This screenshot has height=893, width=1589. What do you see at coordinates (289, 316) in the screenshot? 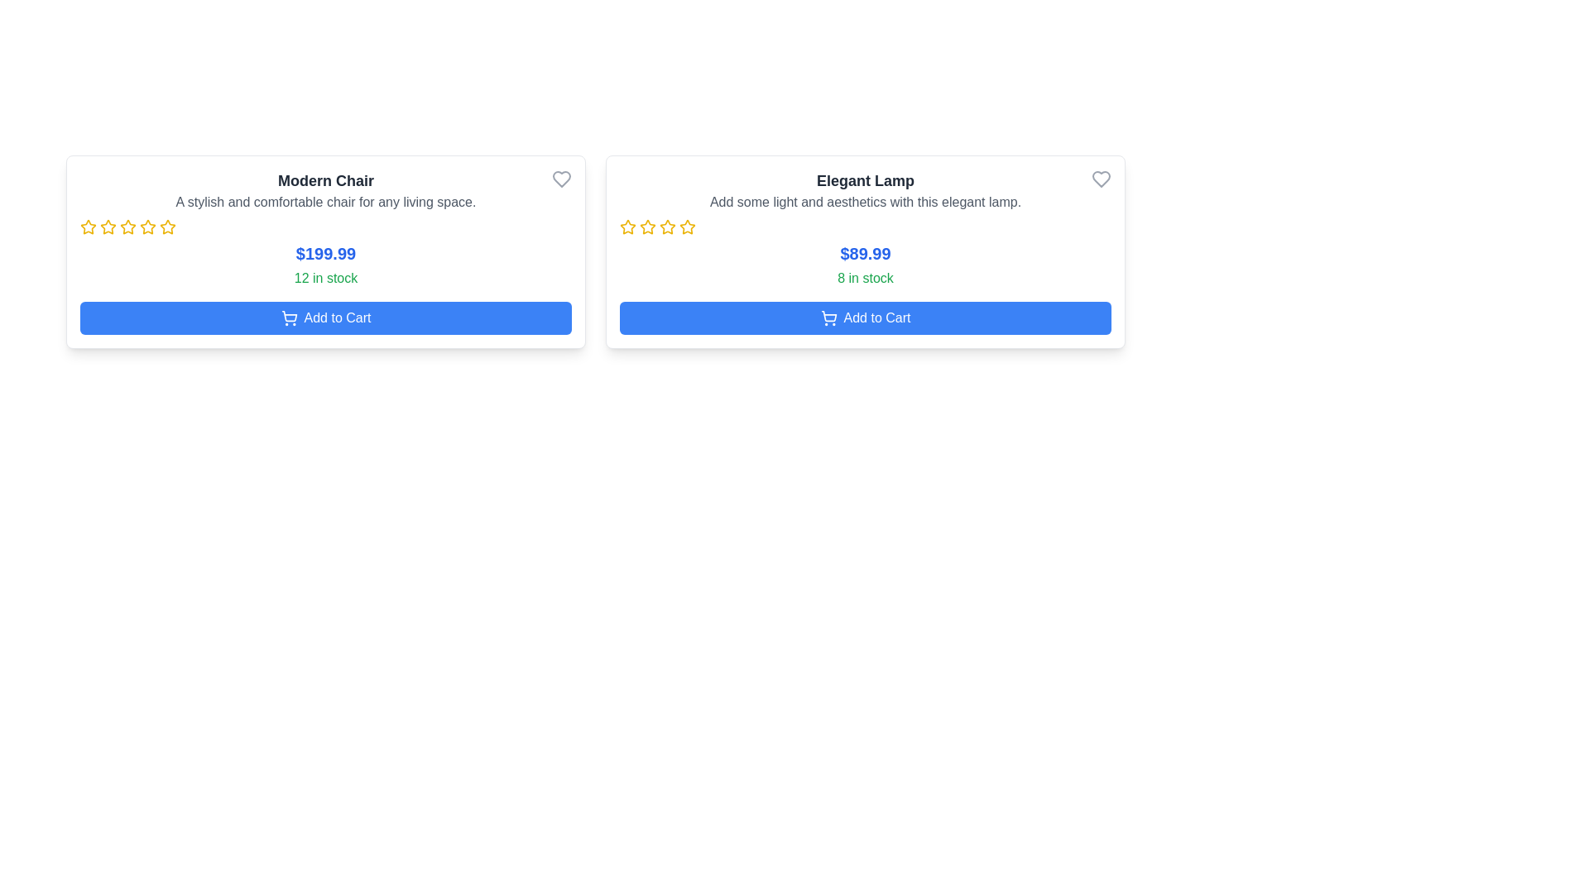
I see `the shopping cart icon located below the product details box, specifically under the blue 'Add to Cart' button in the bottom left corner` at bounding box center [289, 316].